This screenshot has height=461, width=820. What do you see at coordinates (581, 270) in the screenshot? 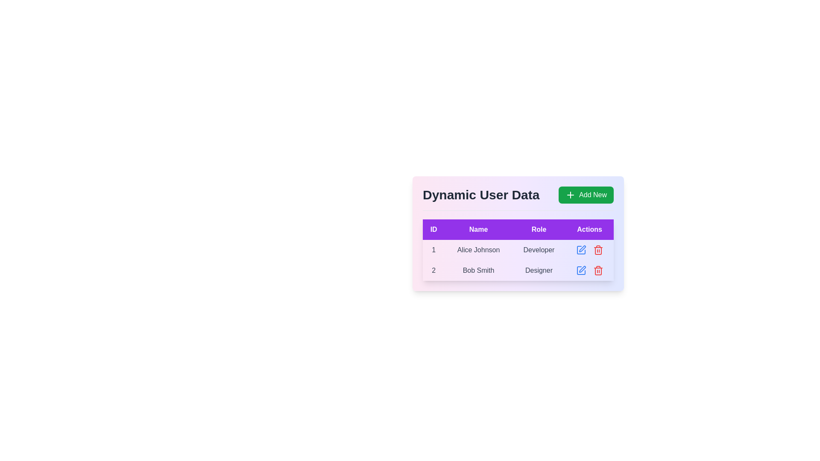
I see `the 'edit' icon button located in the 'Actions' column next to the row labeled '2' for 'Bob Smith, Designer' to initiate editing` at bounding box center [581, 270].